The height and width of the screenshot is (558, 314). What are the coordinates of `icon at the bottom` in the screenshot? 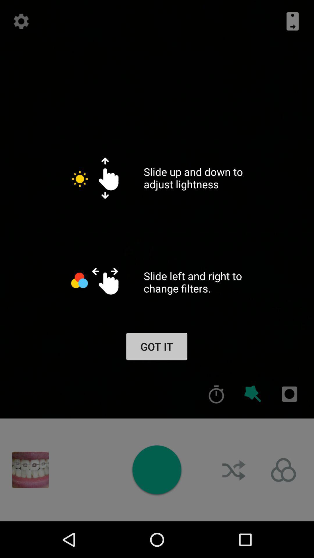 It's located at (156, 470).